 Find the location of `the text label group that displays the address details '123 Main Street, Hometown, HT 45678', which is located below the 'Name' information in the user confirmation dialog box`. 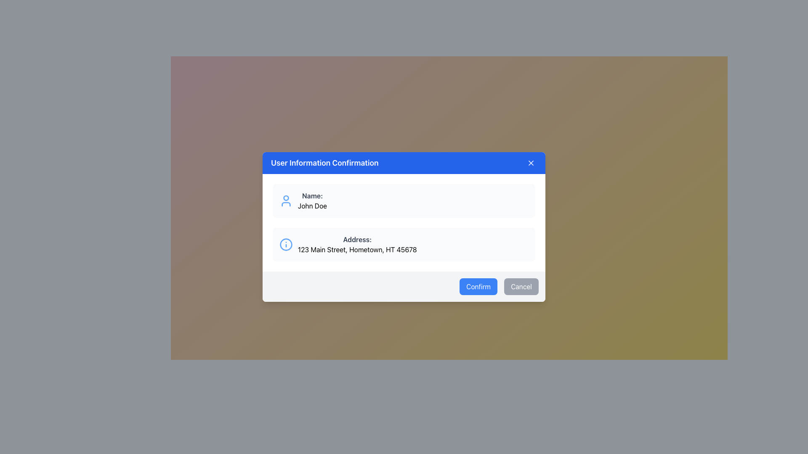

the text label group that displays the address details '123 Main Street, Hometown, HT 45678', which is located below the 'Name' information in the user confirmation dialog box is located at coordinates (357, 245).